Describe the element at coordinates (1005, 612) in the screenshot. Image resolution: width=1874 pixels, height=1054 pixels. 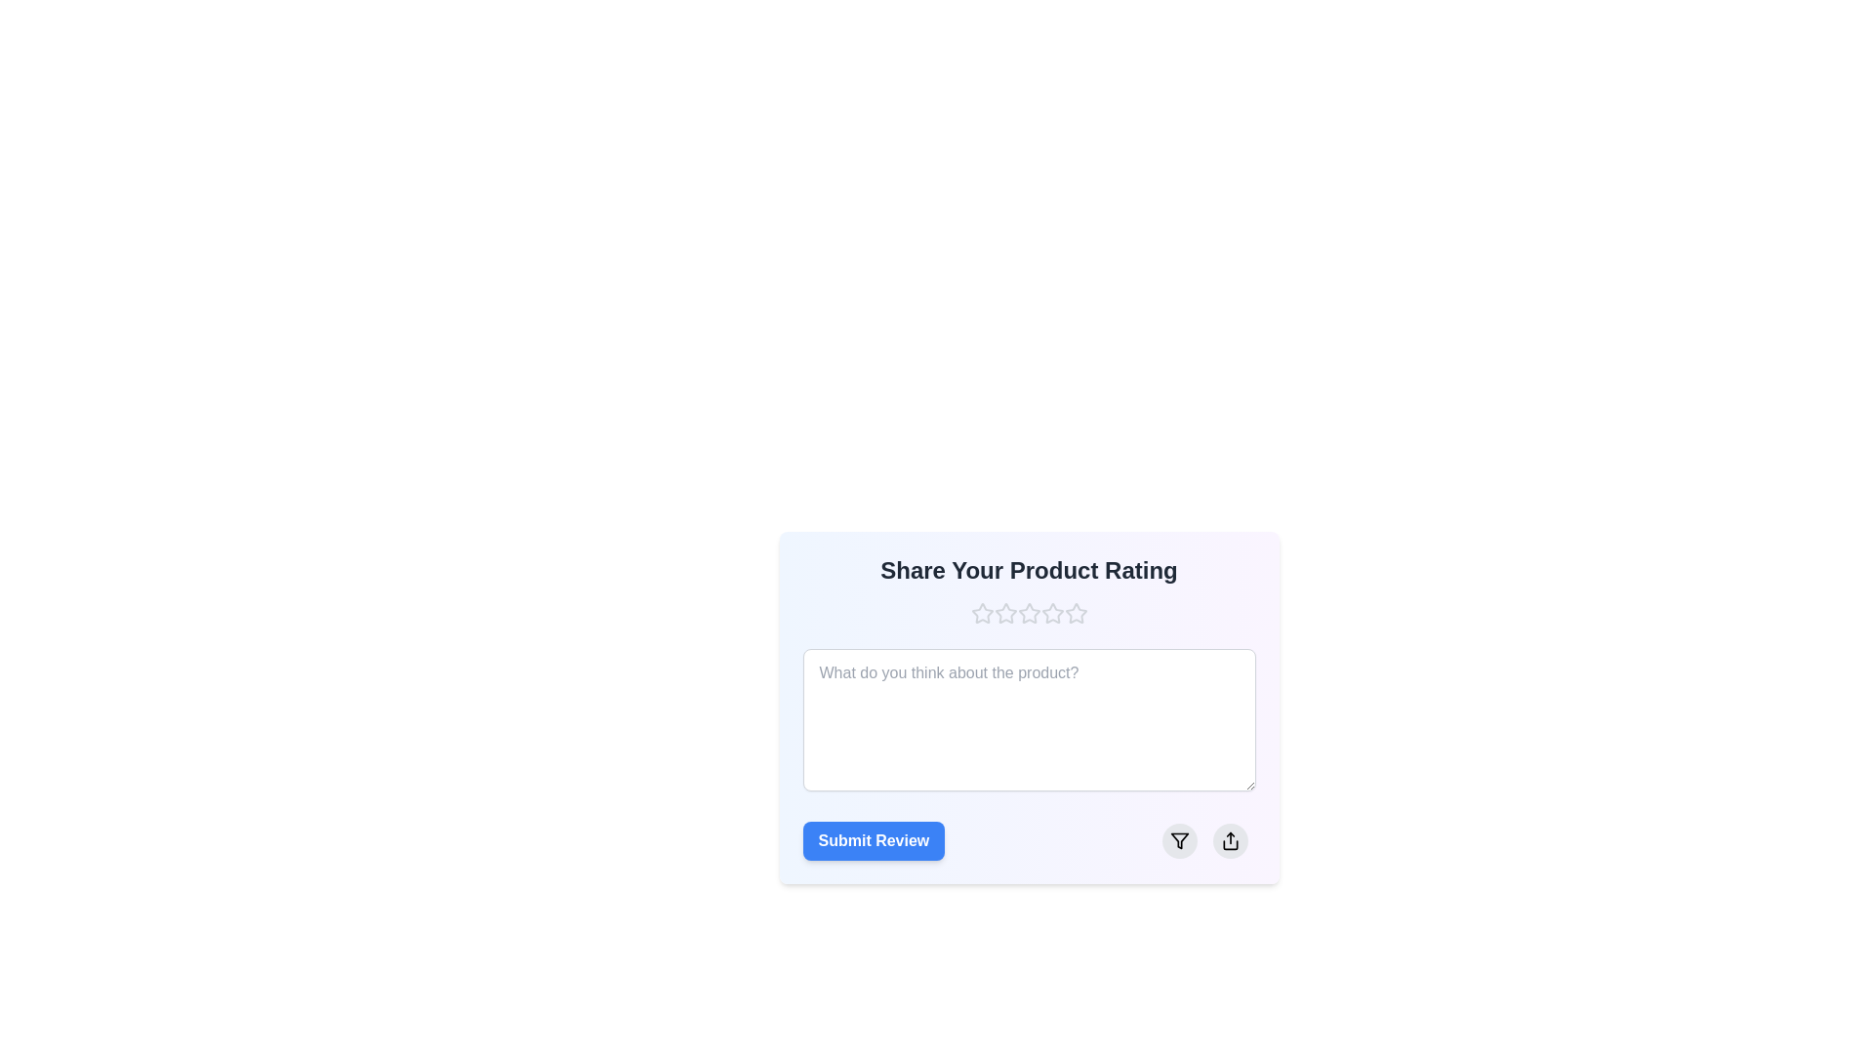
I see `the first star-shaped rating icon located beneath the heading 'Share Your Product Rating'` at that location.